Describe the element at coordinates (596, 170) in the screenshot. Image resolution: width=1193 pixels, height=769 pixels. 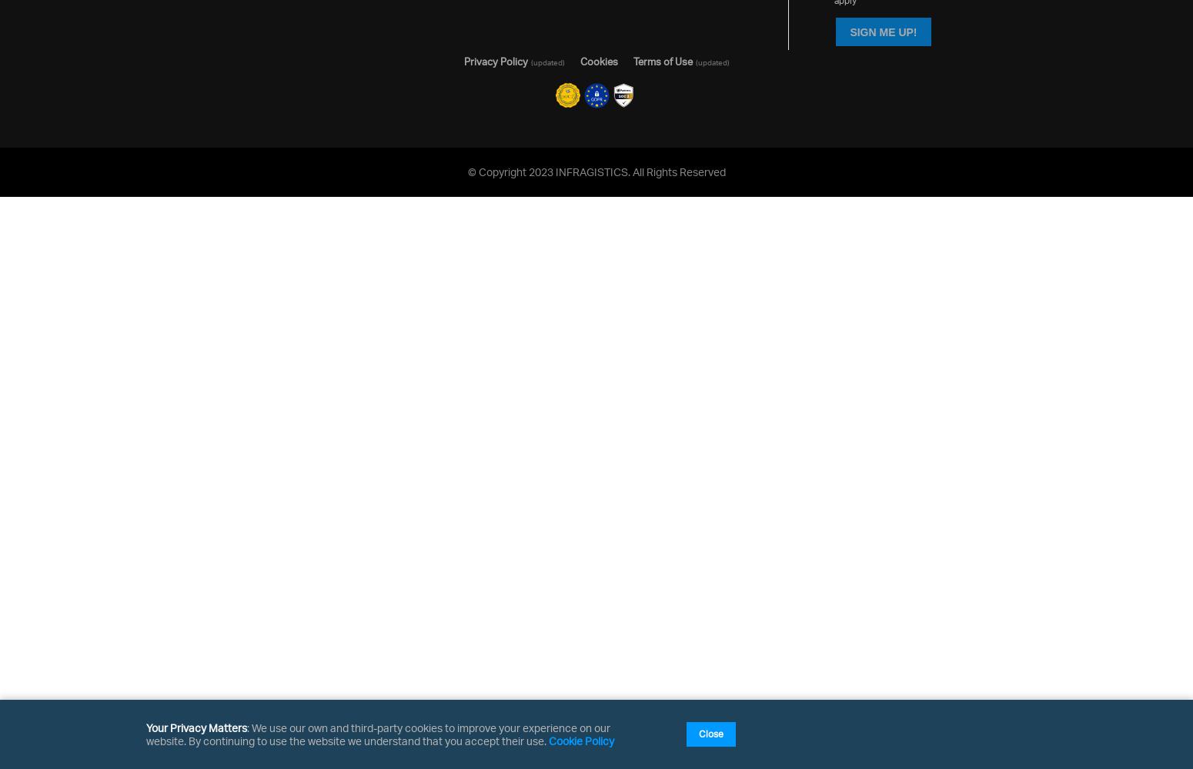
I see `'© Copyright 2023 INFRAGISTICS. All Rights Reserved'` at that location.